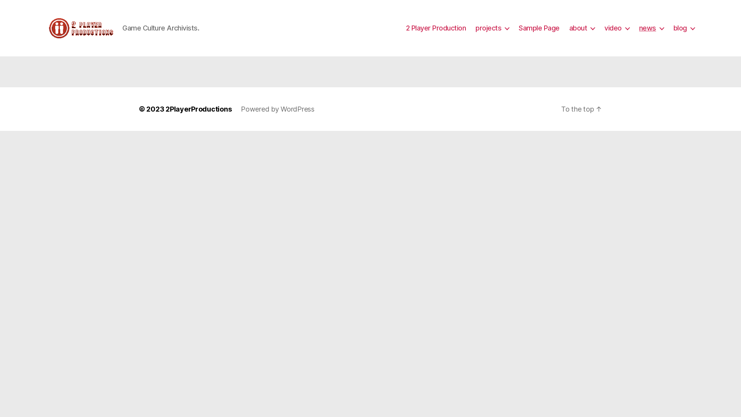 The image size is (741, 417). Describe the element at coordinates (538, 28) in the screenshot. I see `'Sample Page'` at that location.